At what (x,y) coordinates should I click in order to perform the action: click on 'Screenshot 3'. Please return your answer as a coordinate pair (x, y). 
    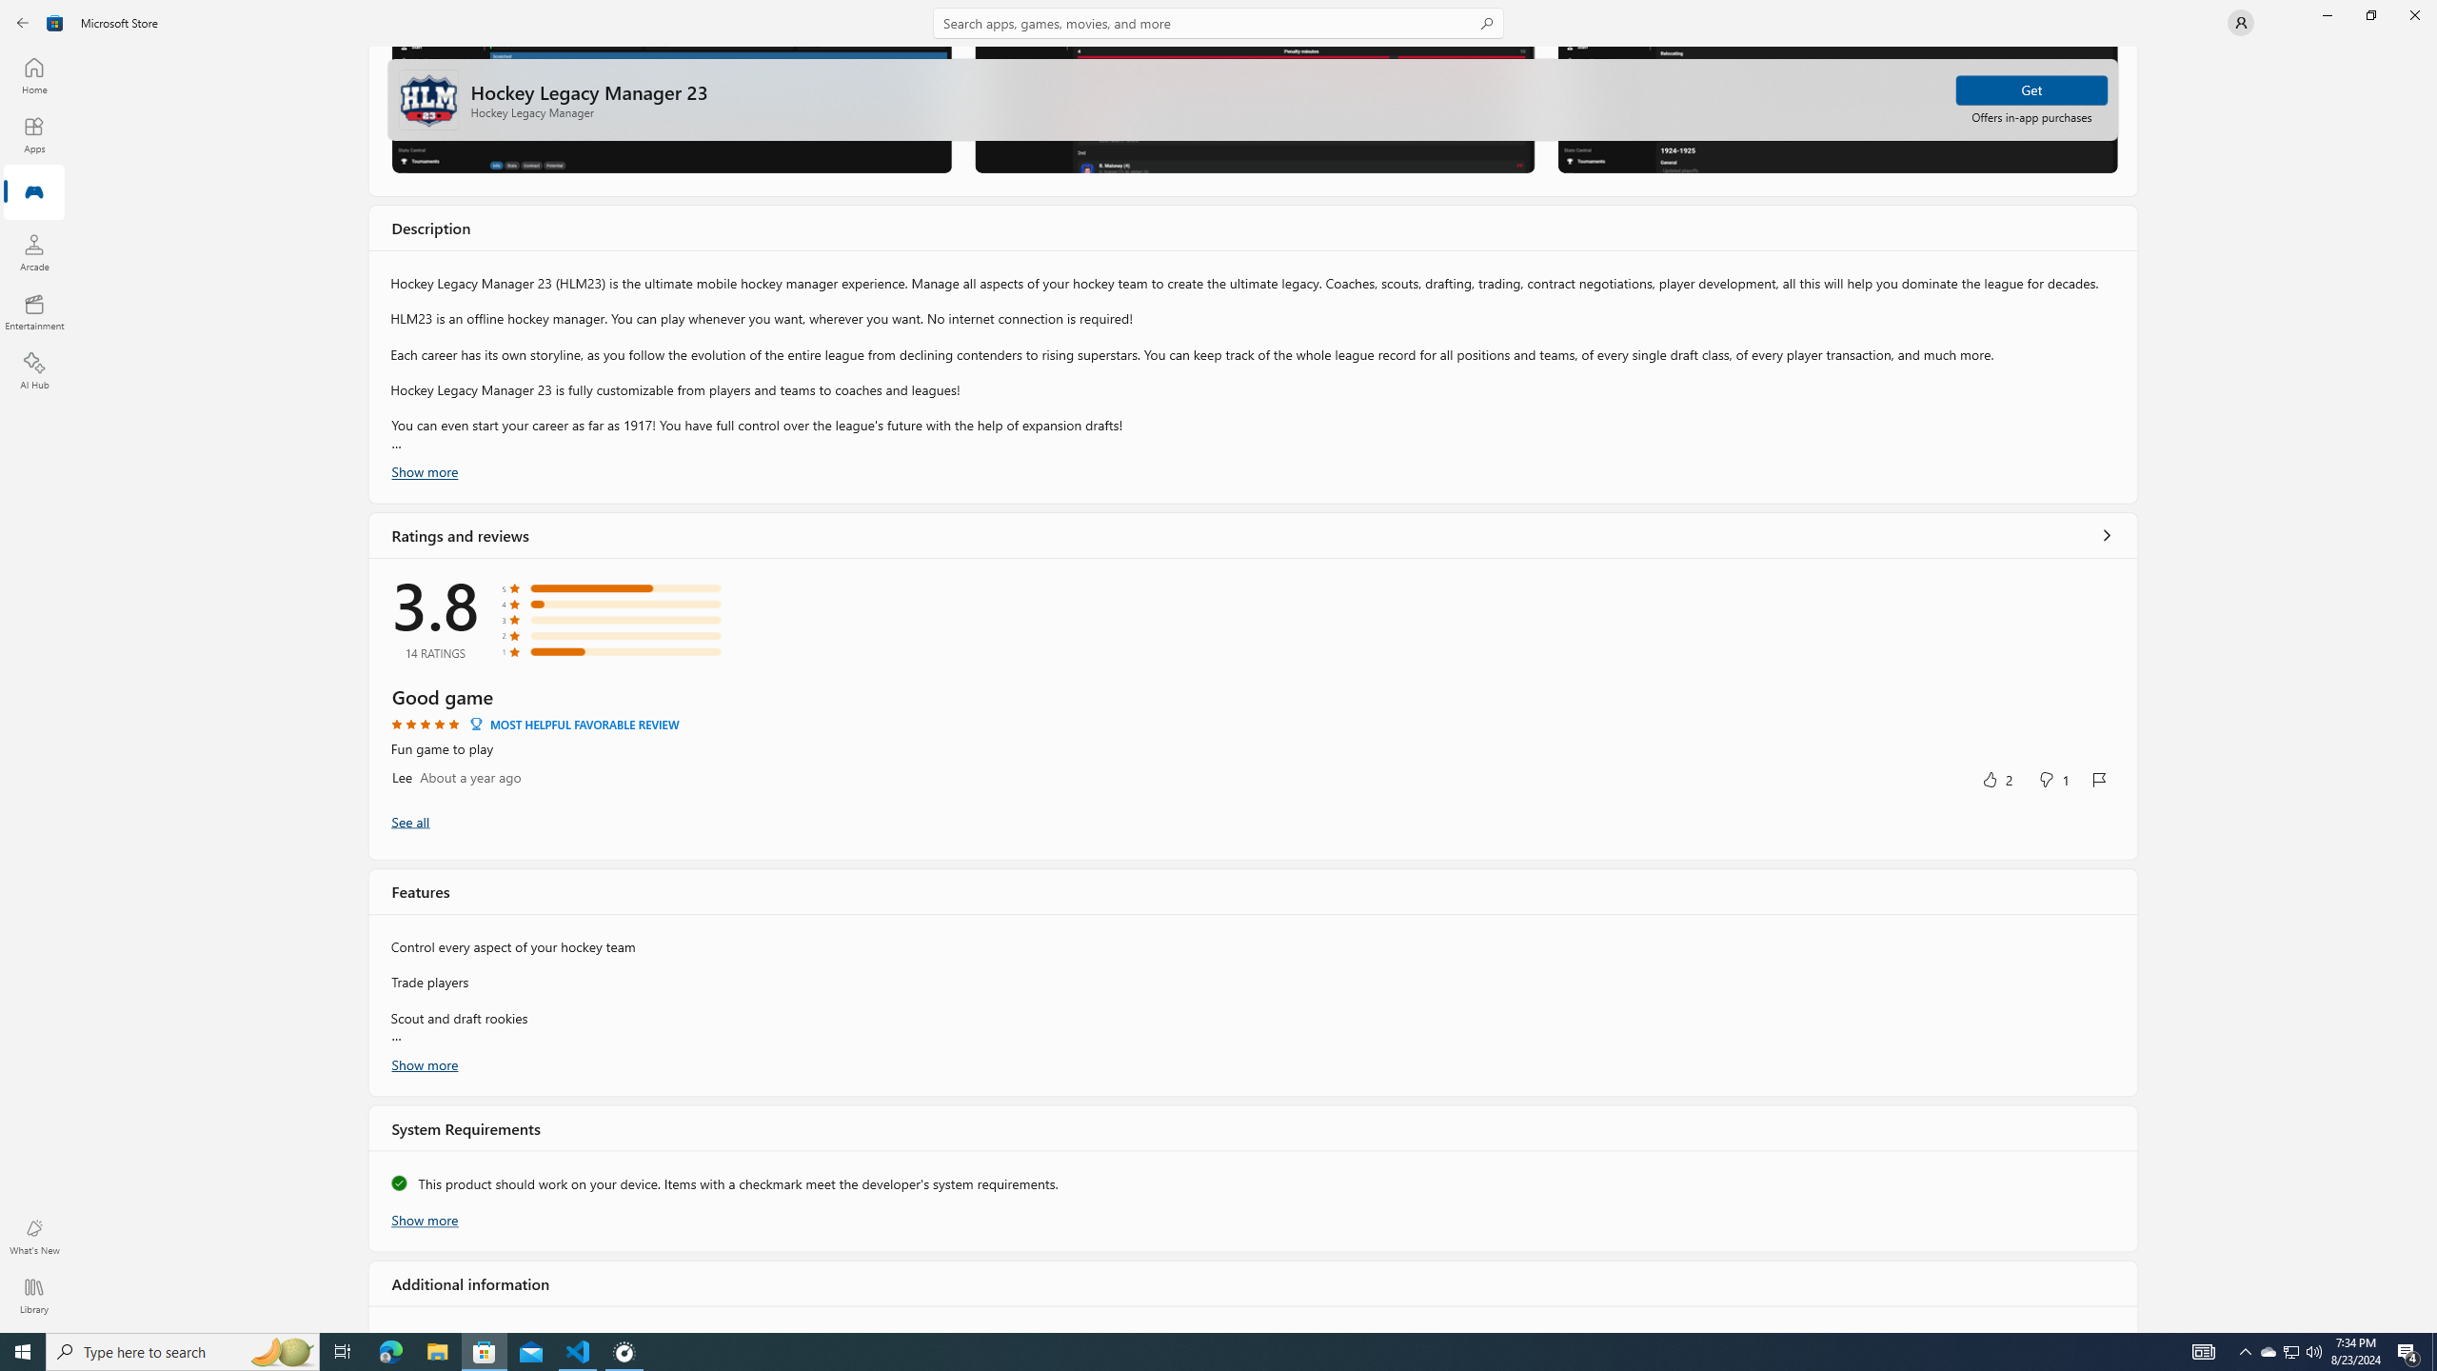
    Looking at the image, I should click on (1836, 109).